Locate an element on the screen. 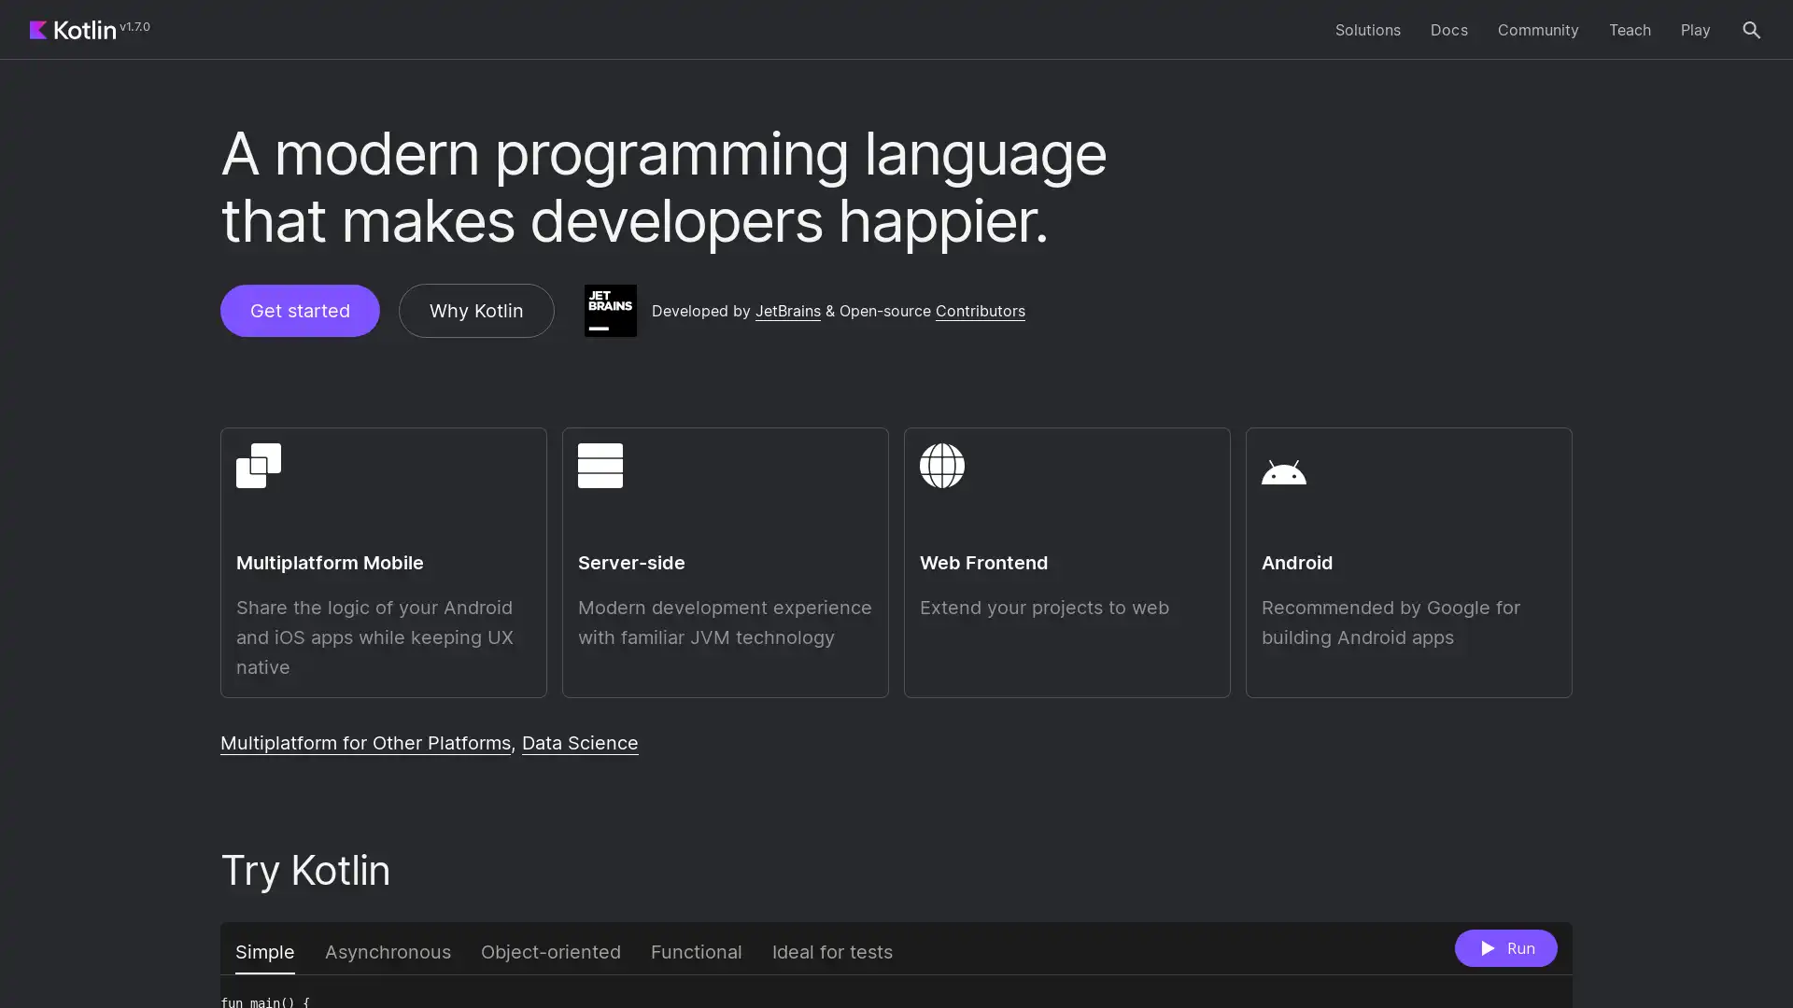  Search is located at coordinates (1751, 63).